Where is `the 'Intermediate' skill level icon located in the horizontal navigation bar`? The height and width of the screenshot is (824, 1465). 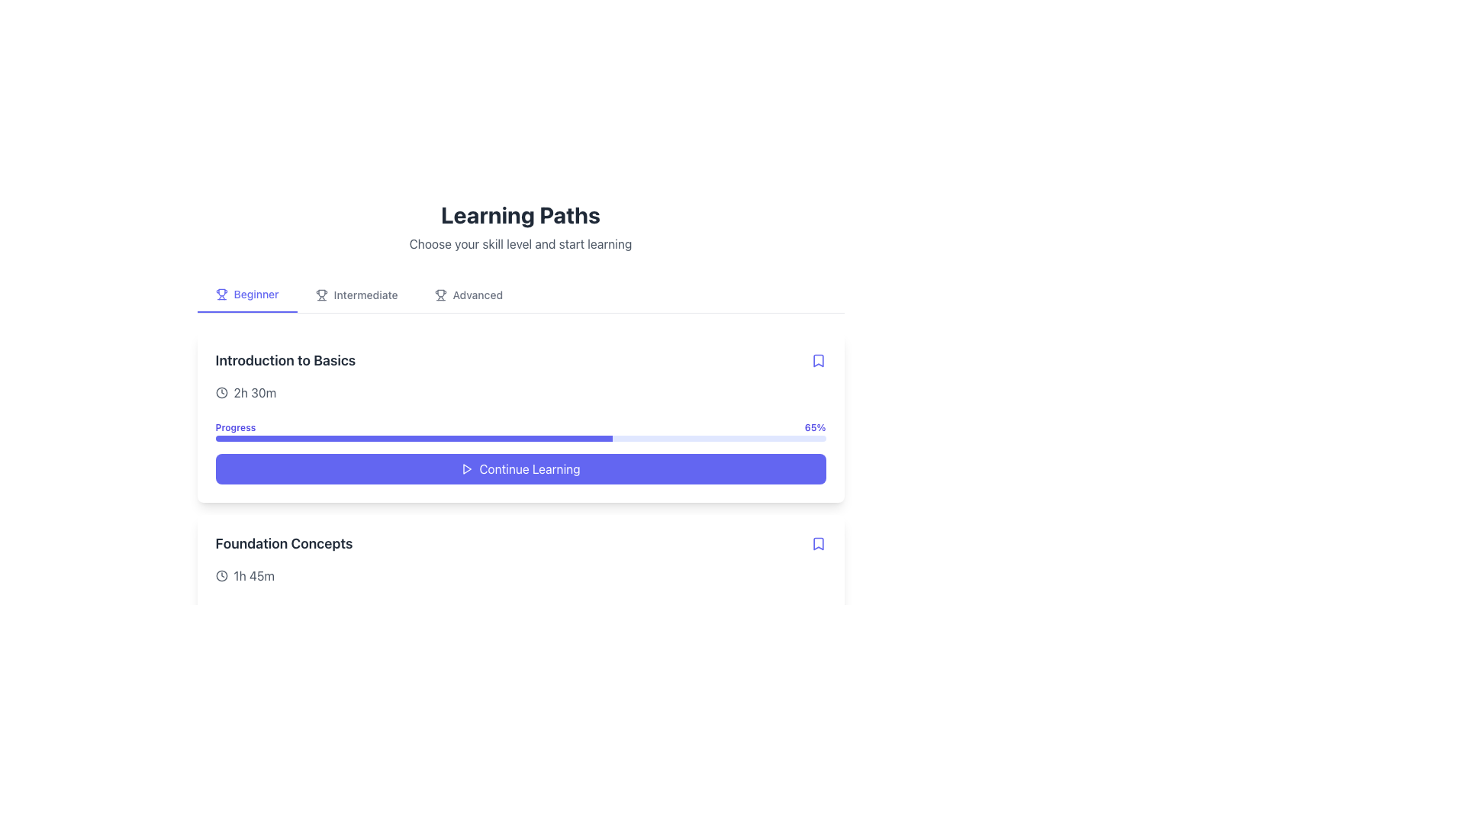 the 'Intermediate' skill level icon located in the horizontal navigation bar is located at coordinates (320, 295).